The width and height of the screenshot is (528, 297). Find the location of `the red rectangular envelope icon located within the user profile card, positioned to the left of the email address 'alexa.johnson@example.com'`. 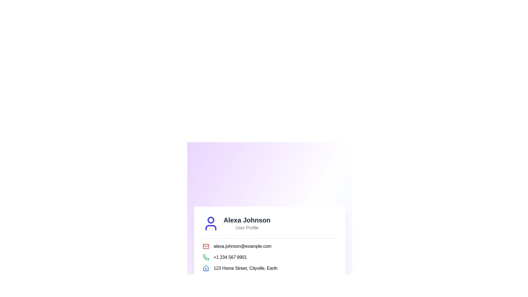

the red rectangular envelope icon located within the user profile card, positioned to the left of the email address 'alexa.johnson@example.com' is located at coordinates (205, 246).